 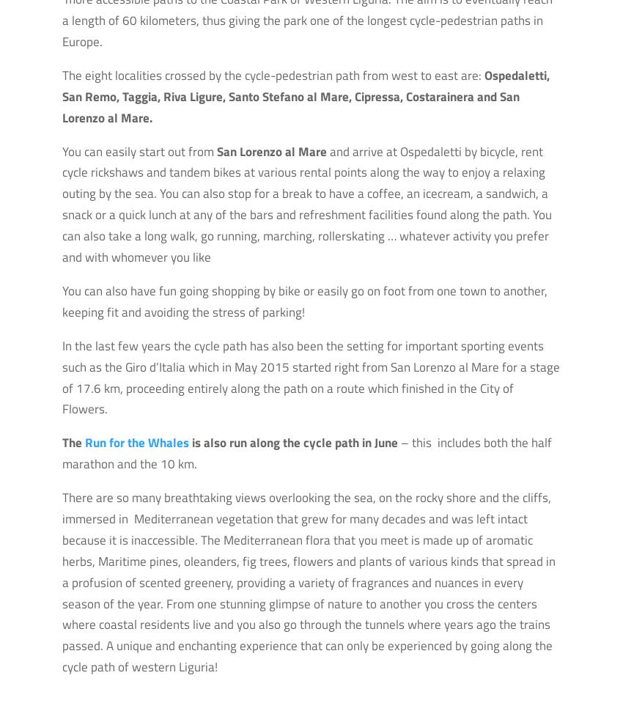 What do you see at coordinates (271, 151) in the screenshot?
I see `'San Lorenzo al Mare'` at bounding box center [271, 151].